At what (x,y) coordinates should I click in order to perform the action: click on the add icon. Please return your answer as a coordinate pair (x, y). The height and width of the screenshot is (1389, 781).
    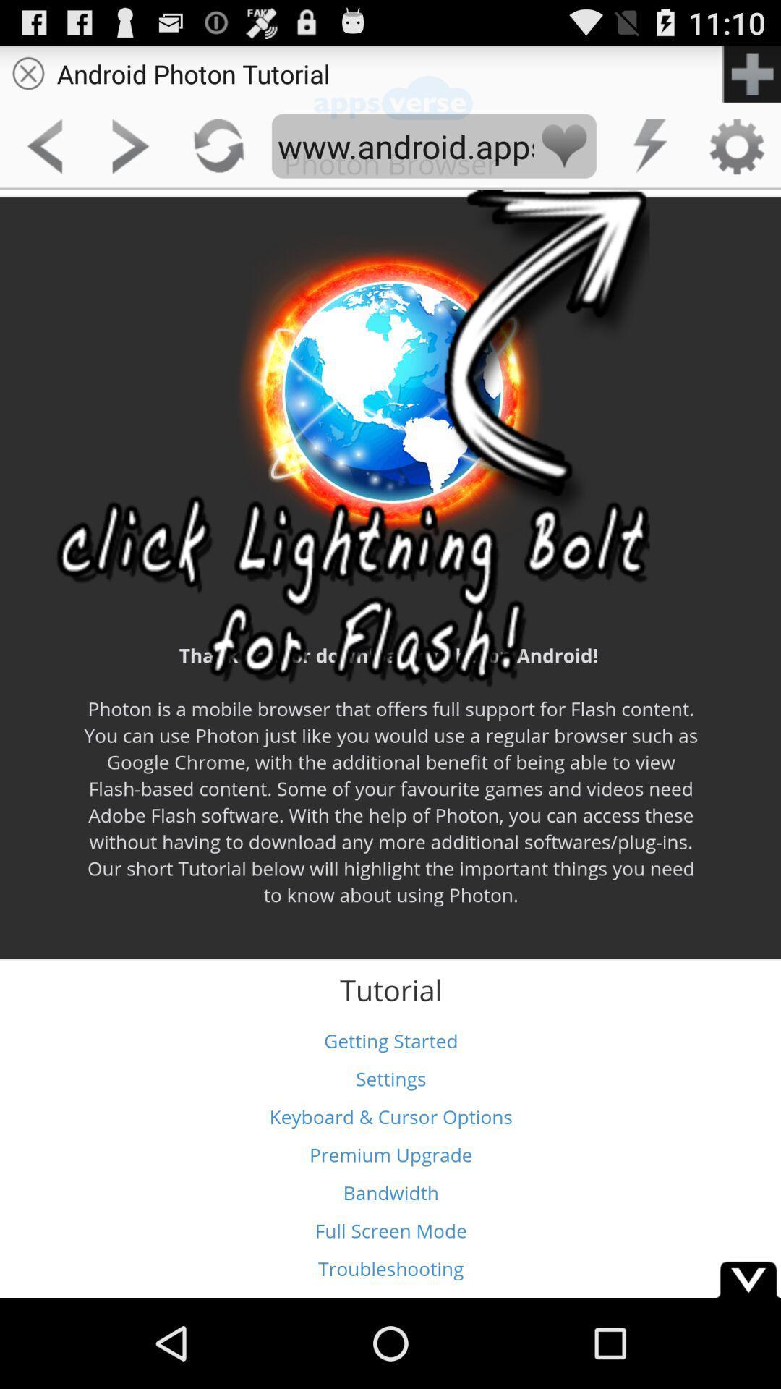
    Looking at the image, I should click on (751, 78).